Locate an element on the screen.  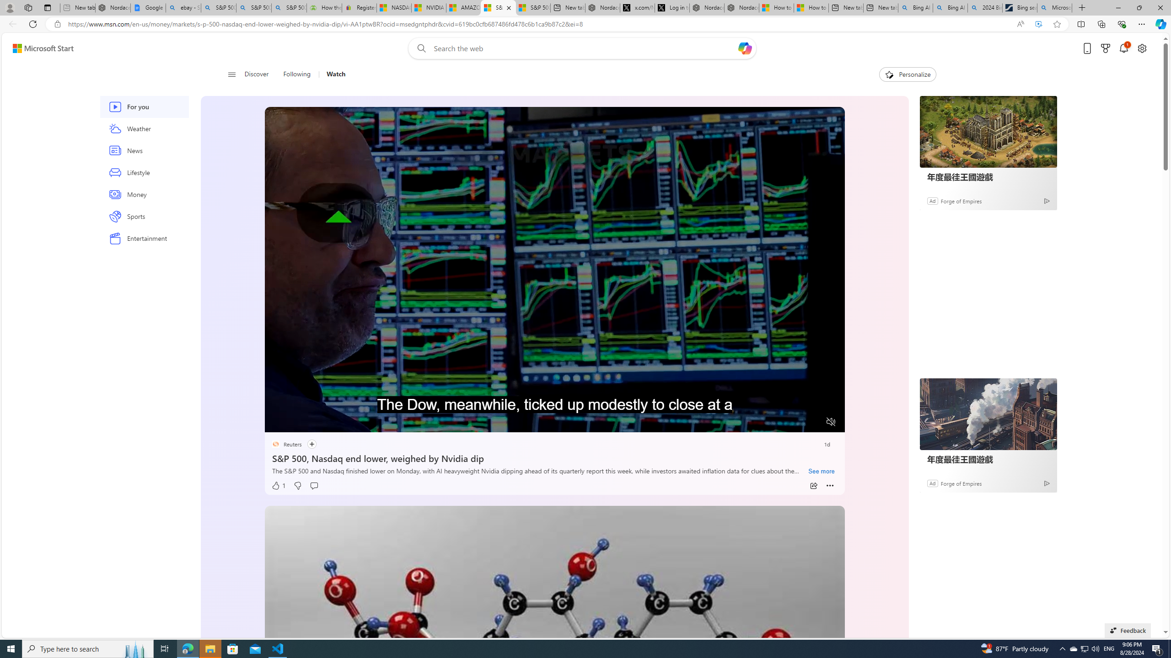
'Register: Create a personal eBay account' is located at coordinates (359, 7).